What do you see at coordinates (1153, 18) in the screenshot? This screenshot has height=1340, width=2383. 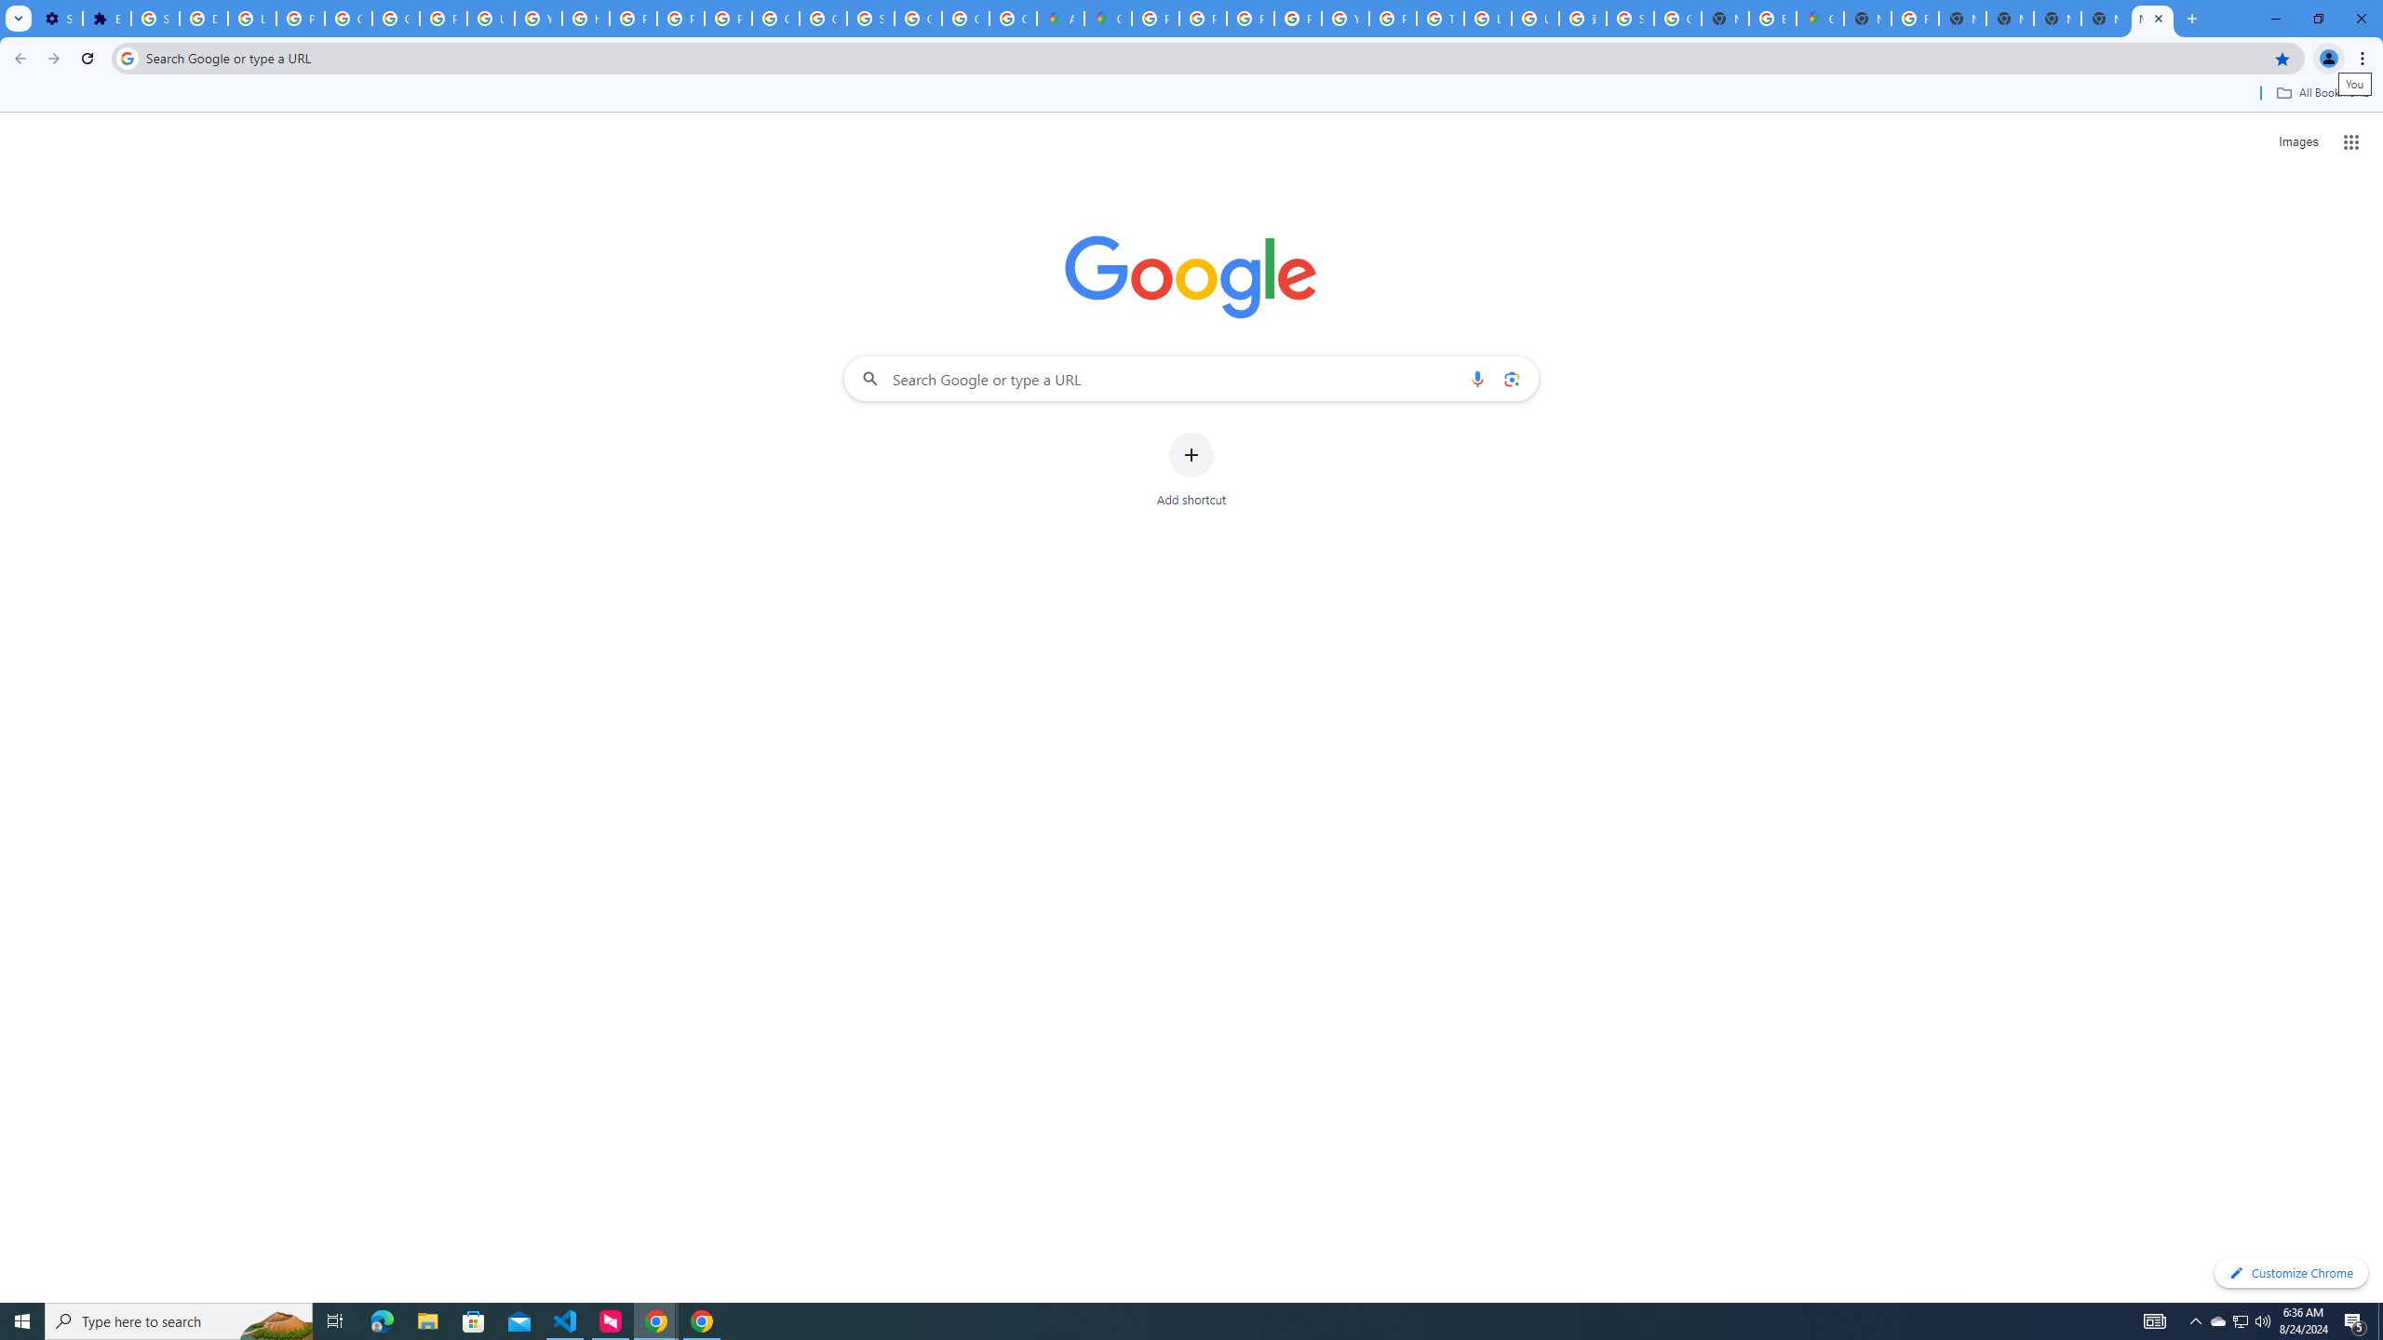 I see `'Policy Accountability and Transparency - Transparency Center'` at bounding box center [1153, 18].